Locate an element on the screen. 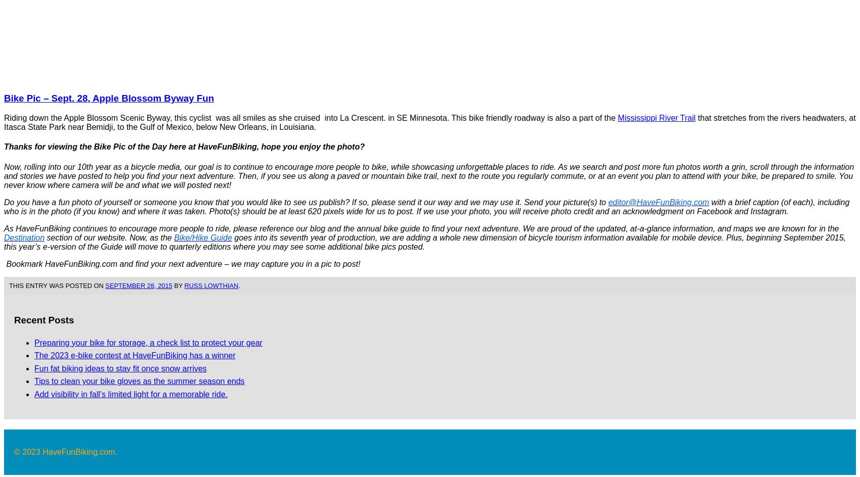 The height and width of the screenshot is (477, 860). 'Recent Posts' is located at coordinates (44, 320).